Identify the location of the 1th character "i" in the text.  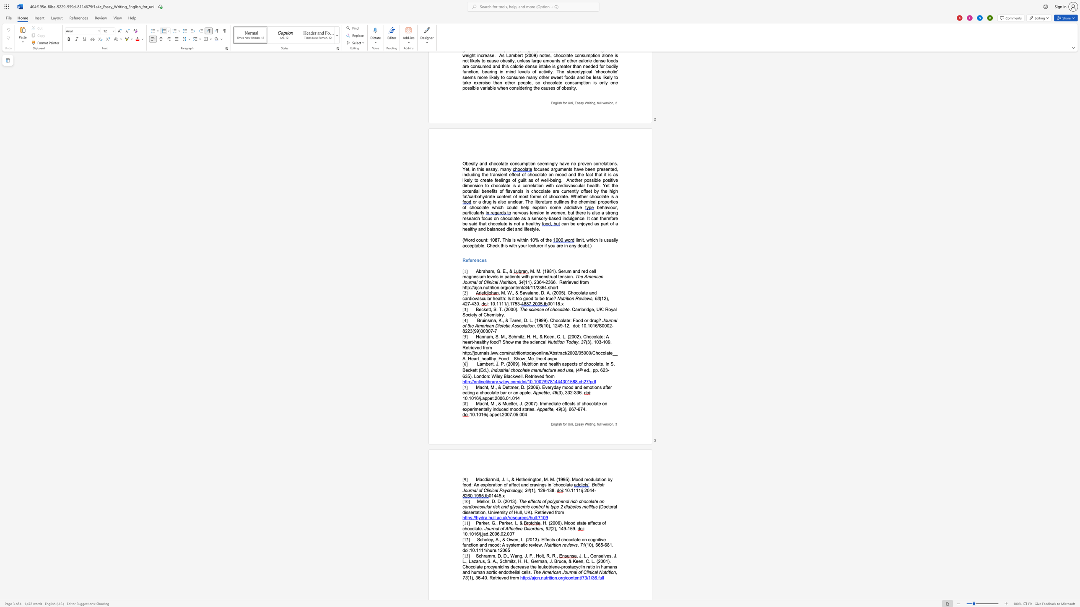
(556, 342).